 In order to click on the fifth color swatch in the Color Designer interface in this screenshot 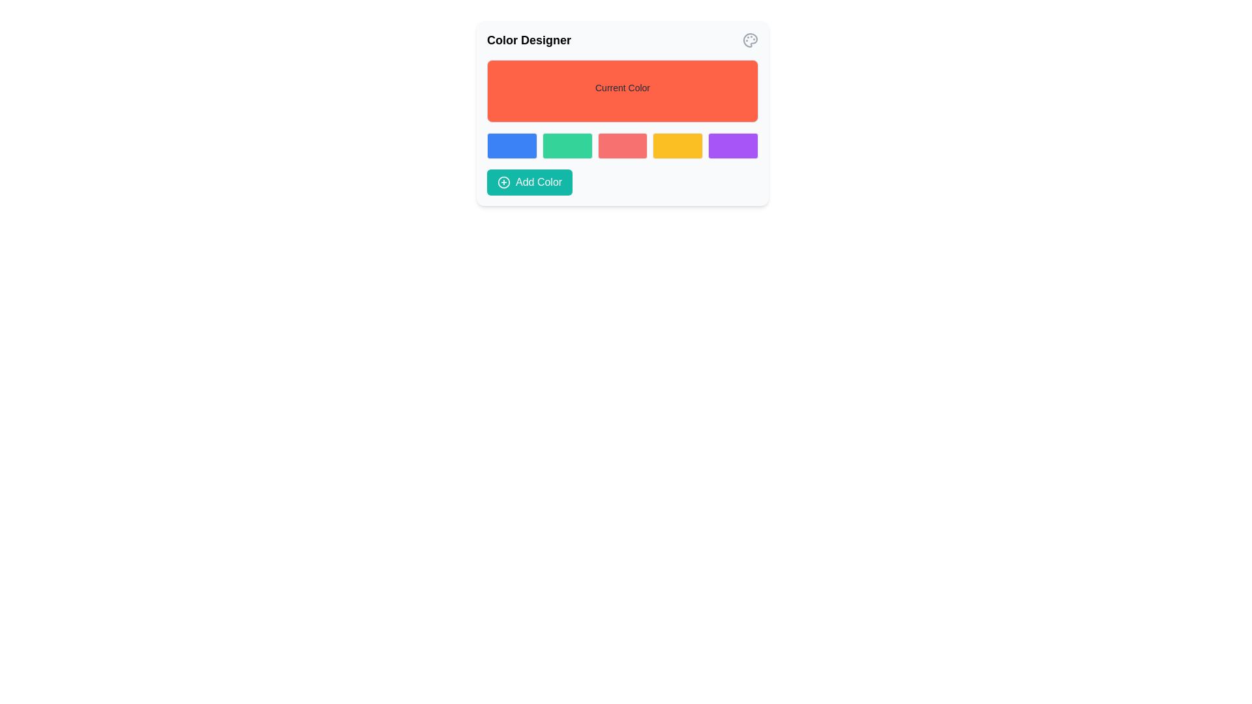, I will do `click(733, 145)`.